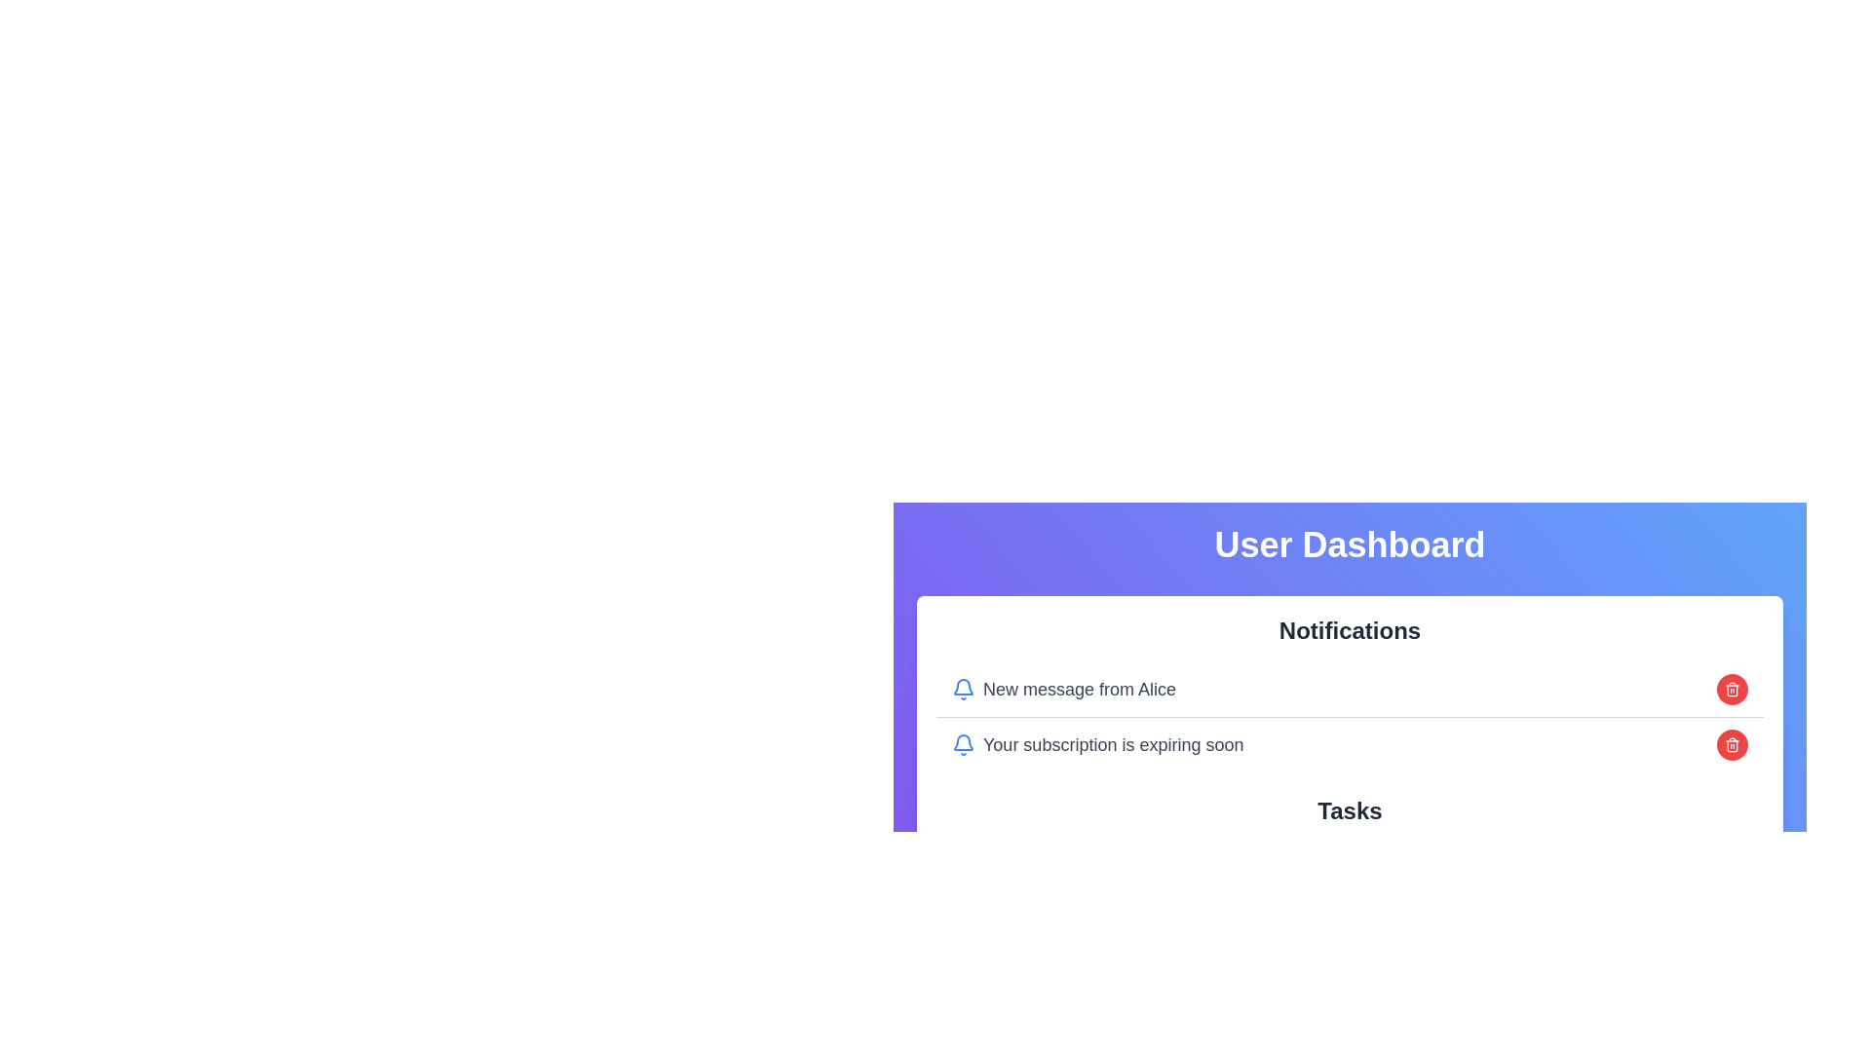  Describe the element at coordinates (1732, 689) in the screenshot. I see `the delete button located in the top-right of the notification entry for 'New message from Alice' in the 'Notifications' section to receive a tooltip or visual feedback` at that location.